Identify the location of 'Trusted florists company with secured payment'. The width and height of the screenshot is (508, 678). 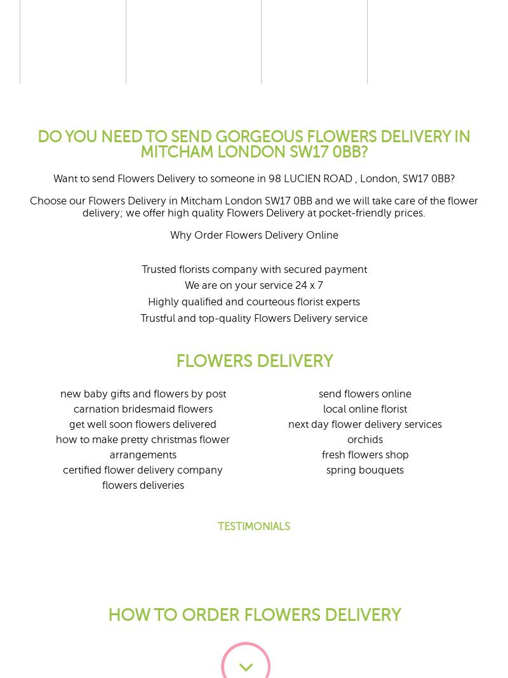
(141, 269).